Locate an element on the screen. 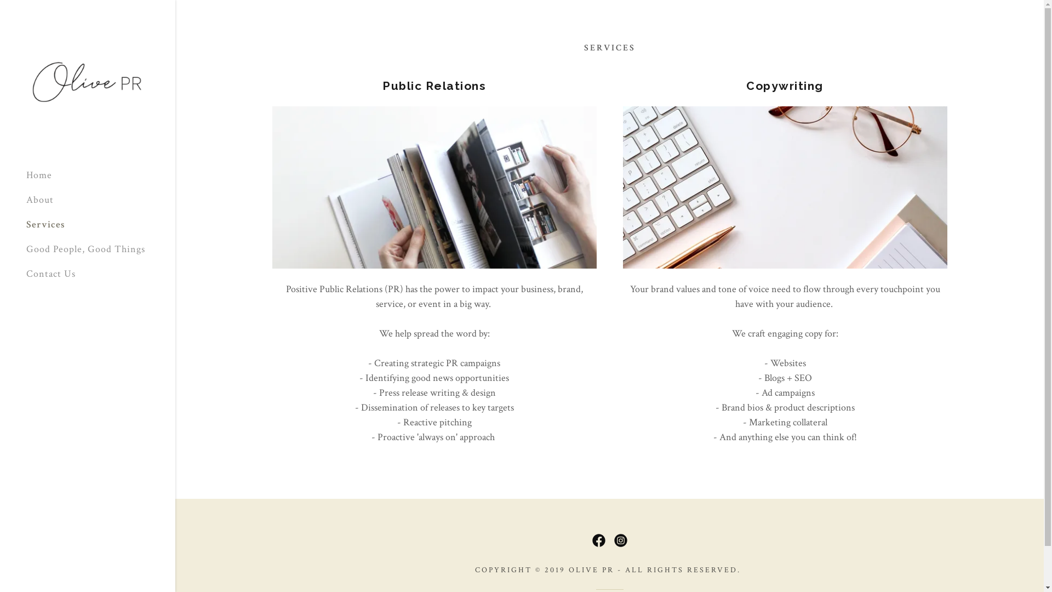 This screenshot has height=592, width=1052. 'Services' is located at coordinates (26, 224).